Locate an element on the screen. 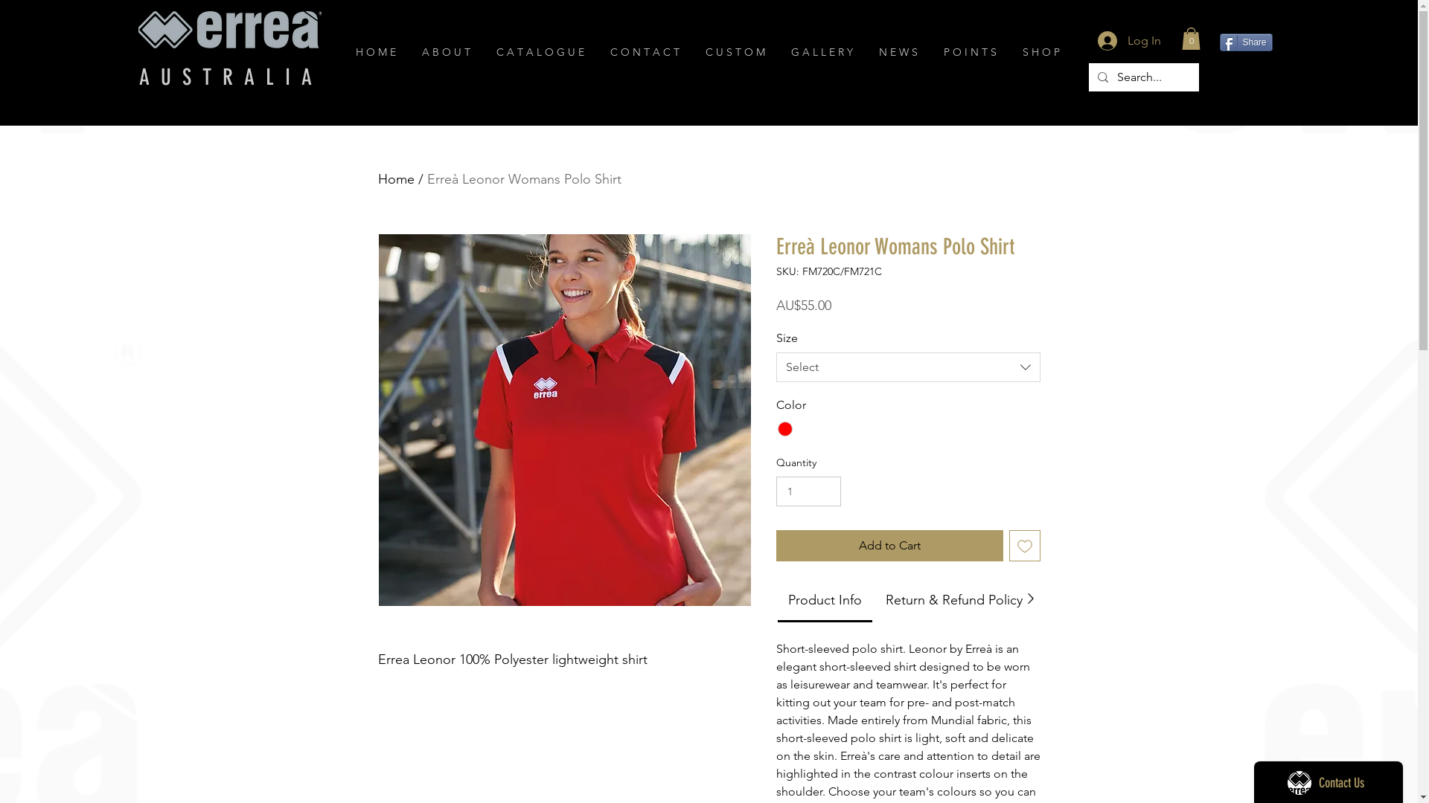 The height and width of the screenshot is (803, 1429). 'C A T A L O G U E' is located at coordinates (541, 51).